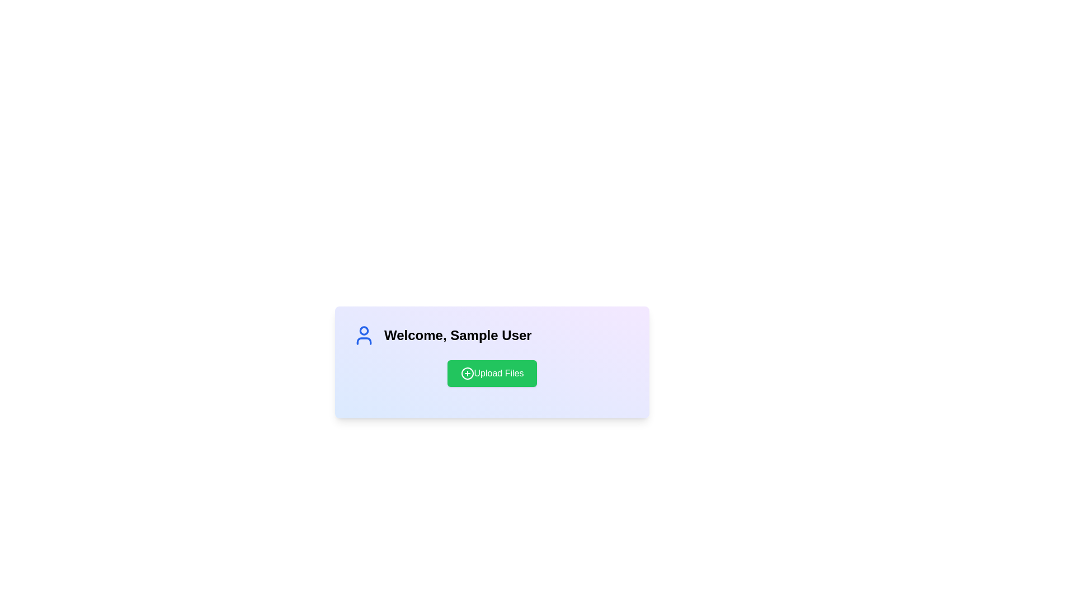  What do you see at coordinates (467, 373) in the screenshot?
I see `the icon that signifies the action associated with adding or uploading items, which is located at the left edge of the 'Upload Files' green button` at bounding box center [467, 373].